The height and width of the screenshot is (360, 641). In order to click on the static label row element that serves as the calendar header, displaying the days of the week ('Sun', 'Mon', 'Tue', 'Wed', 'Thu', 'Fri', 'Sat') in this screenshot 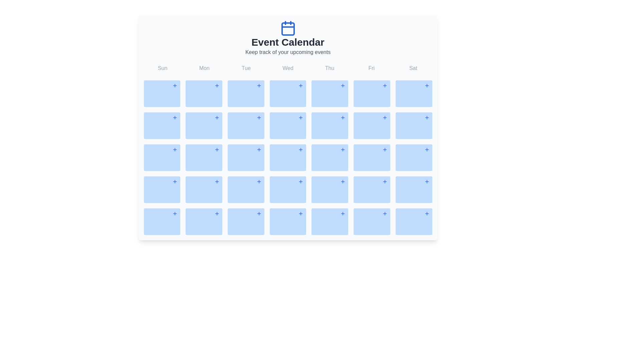, I will do `click(288, 68)`.